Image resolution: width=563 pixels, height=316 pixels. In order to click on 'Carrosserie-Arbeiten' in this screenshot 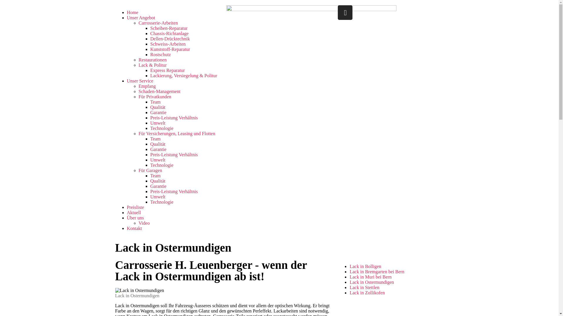, I will do `click(158, 23)`.